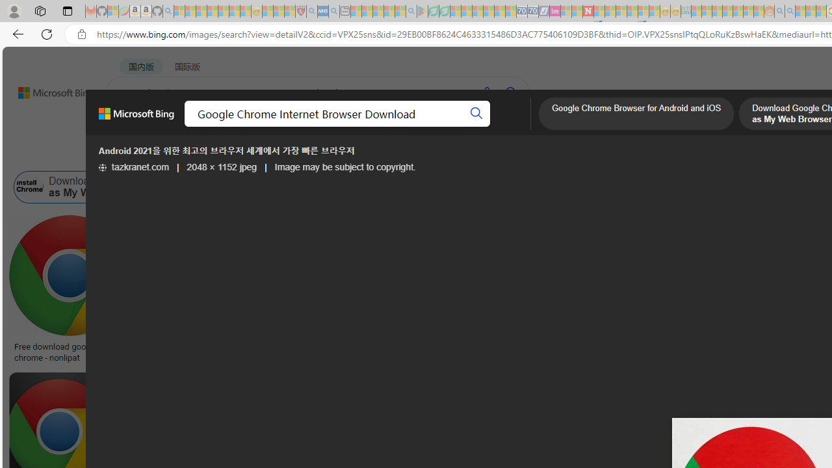  Describe the element at coordinates (587, 11) in the screenshot. I see `'Latest Politics News & Archive | Newsweek.com - Sleeping'` at that location.